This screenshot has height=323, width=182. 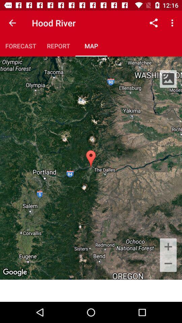 I want to click on the item above the forecast icon, so click(x=12, y=23).